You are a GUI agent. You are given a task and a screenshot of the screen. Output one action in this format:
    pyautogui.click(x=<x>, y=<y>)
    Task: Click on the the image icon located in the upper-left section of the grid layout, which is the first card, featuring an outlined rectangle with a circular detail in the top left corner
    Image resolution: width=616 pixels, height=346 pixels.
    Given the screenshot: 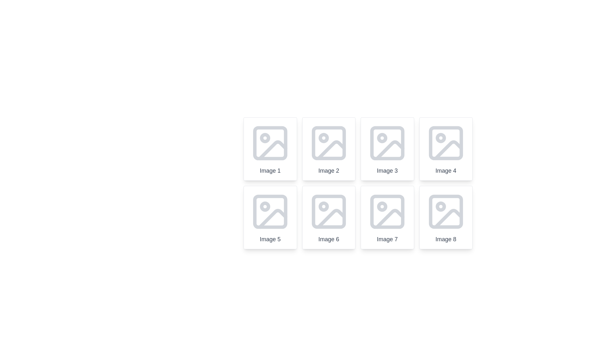 What is the action you would take?
    pyautogui.click(x=270, y=143)
    